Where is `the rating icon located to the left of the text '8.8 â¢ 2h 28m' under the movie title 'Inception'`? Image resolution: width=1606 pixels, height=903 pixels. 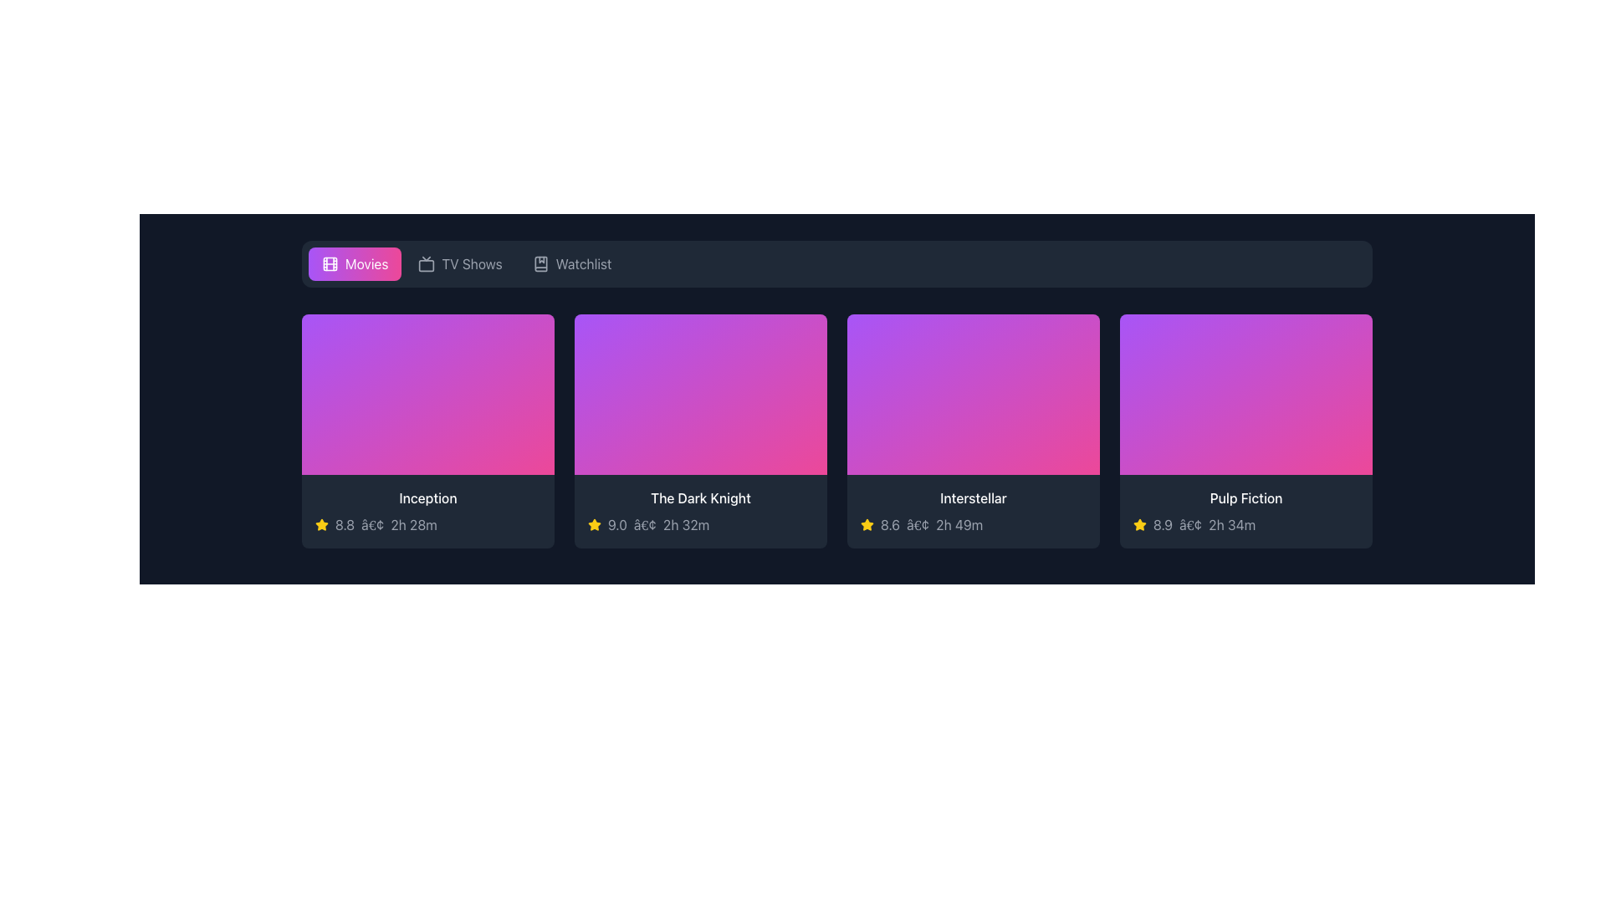
the rating icon located to the left of the text '8.8 â¢ 2h 28m' under the movie title 'Inception' is located at coordinates (321, 524).